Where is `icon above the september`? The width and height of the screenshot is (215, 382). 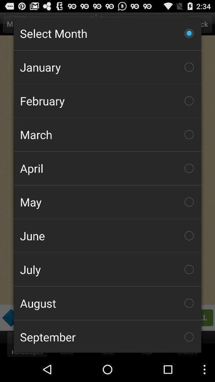 icon above the september is located at coordinates (107, 302).